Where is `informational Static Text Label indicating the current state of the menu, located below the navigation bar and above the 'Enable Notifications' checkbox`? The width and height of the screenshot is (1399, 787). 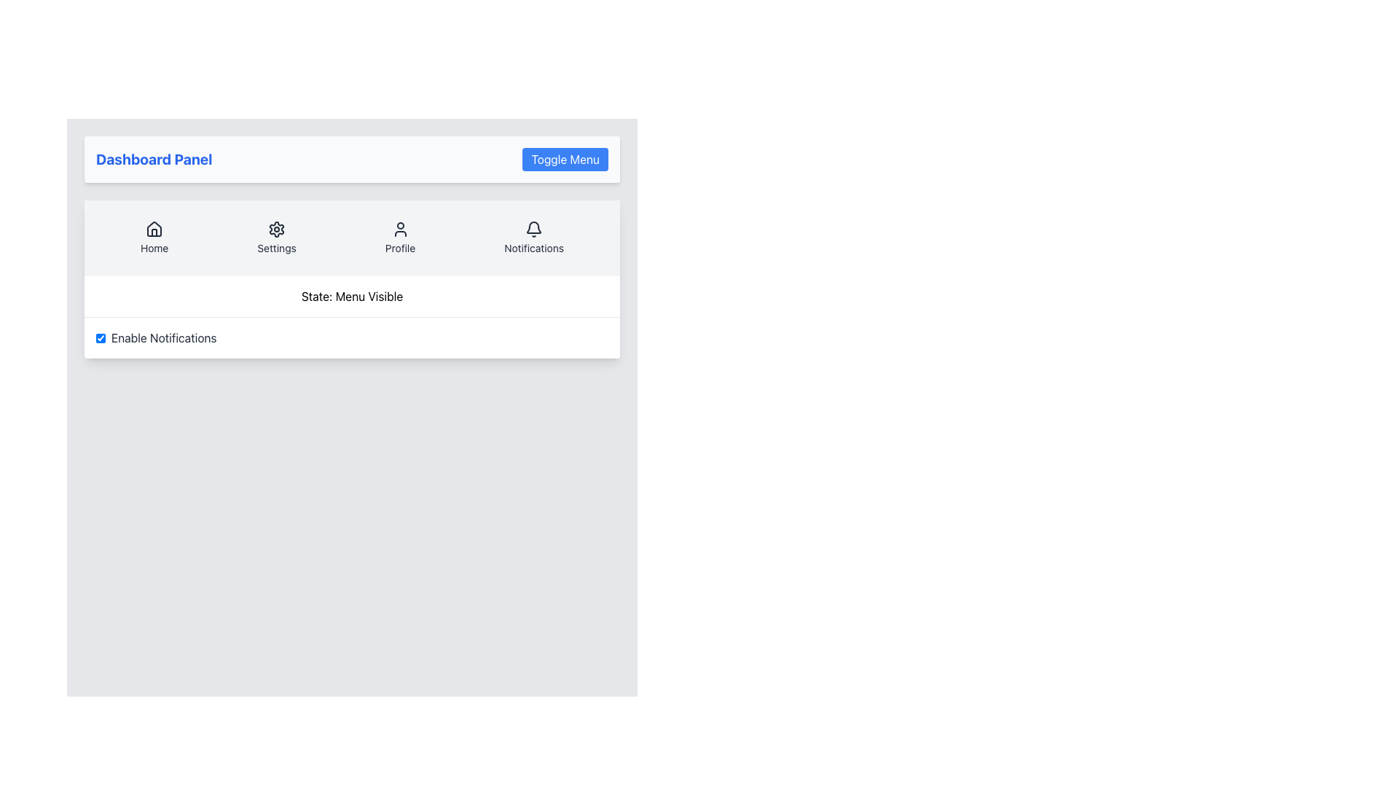
informational Static Text Label indicating the current state of the menu, located below the navigation bar and above the 'Enable Notifications' checkbox is located at coordinates (352, 296).